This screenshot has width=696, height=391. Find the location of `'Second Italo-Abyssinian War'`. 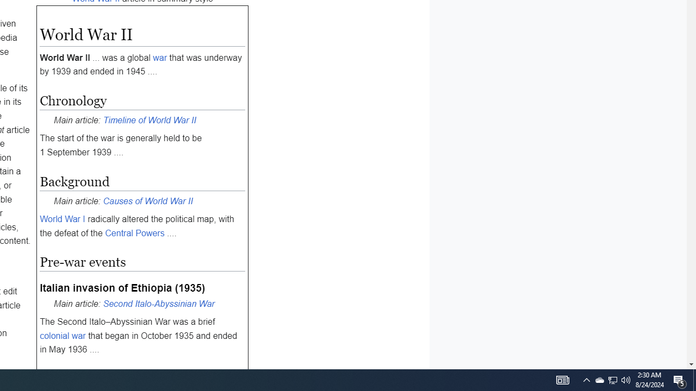

'Second Italo-Abyssinian War' is located at coordinates (158, 304).